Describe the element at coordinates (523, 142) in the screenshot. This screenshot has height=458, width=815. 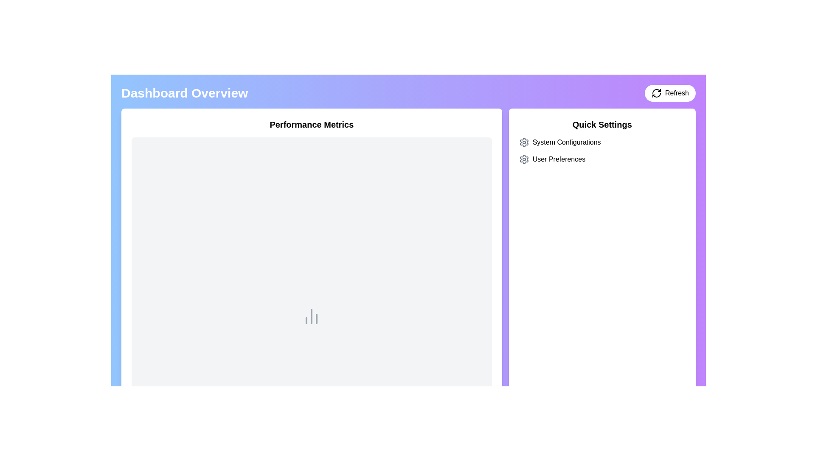
I see `the gear-shaped icon representing the settings option in the Quick Settings panel, located to the left of 'User Preferences'` at that location.